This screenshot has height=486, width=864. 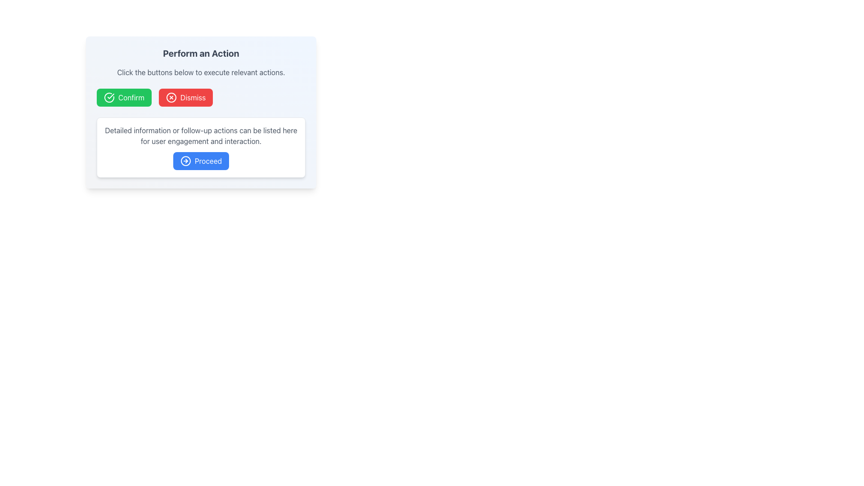 I want to click on the red 'Dismiss' button with rounded corners and a white cross icon, so click(x=185, y=97).